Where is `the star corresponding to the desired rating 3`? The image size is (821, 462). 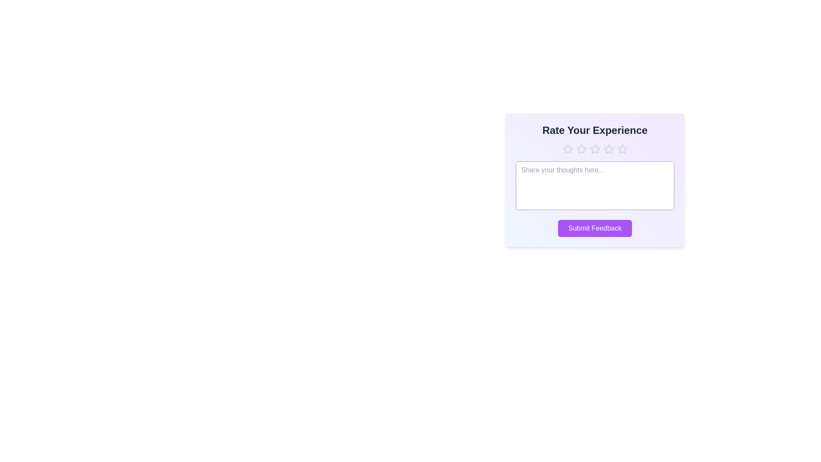
the star corresponding to the desired rating 3 is located at coordinates (594, 148).